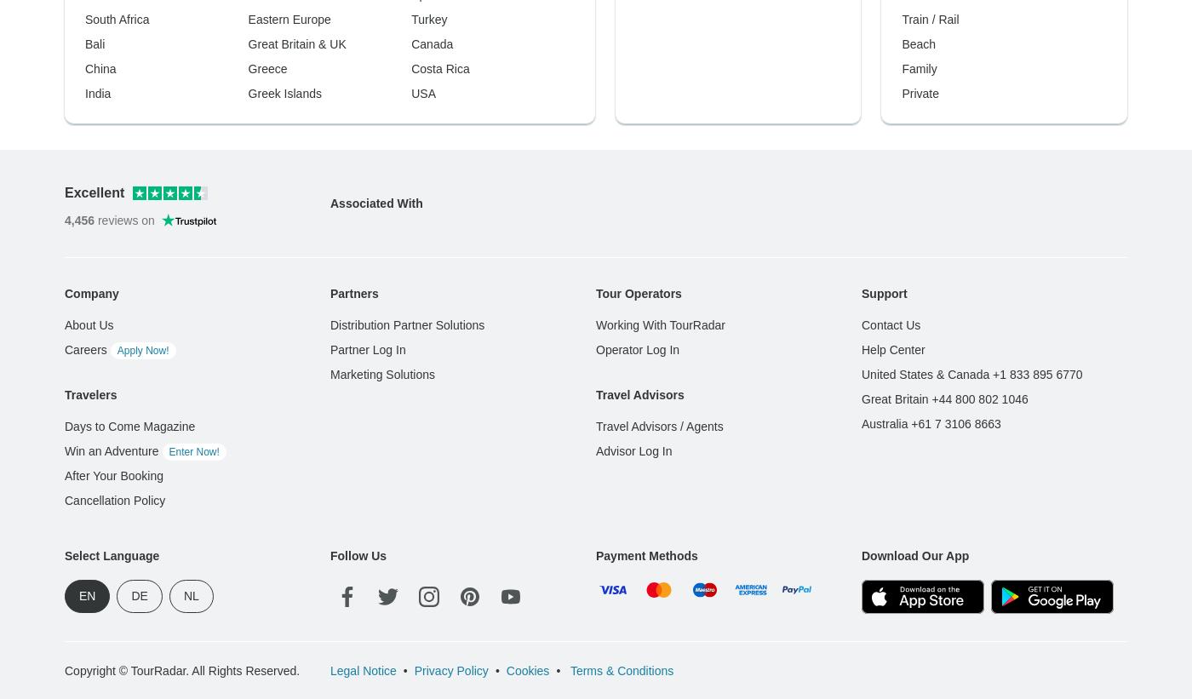 This screenshot has width=1192, height=699. Describe the element at coordinates (91, 18) in the screenshot. I see `'Company'` at that location.